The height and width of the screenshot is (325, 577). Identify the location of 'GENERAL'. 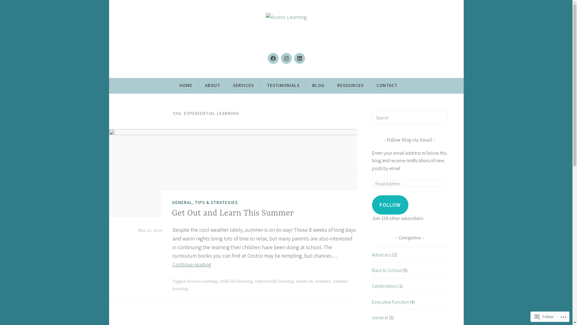
(182, 202).